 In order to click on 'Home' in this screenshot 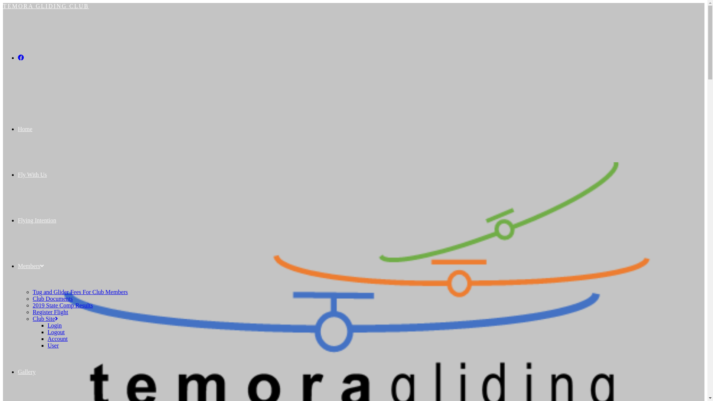, I will do `click(18, 128)`.